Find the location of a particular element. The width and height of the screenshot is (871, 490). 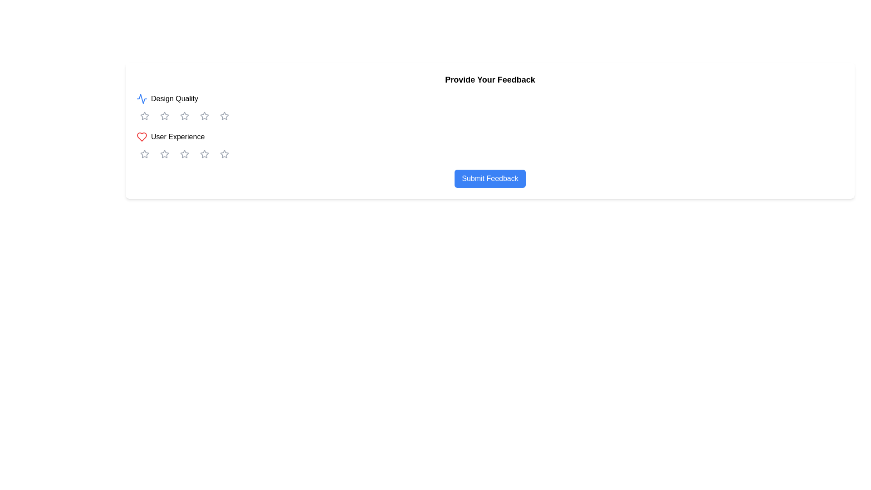

the first hollow star icon is located at coordinates (144, 153).